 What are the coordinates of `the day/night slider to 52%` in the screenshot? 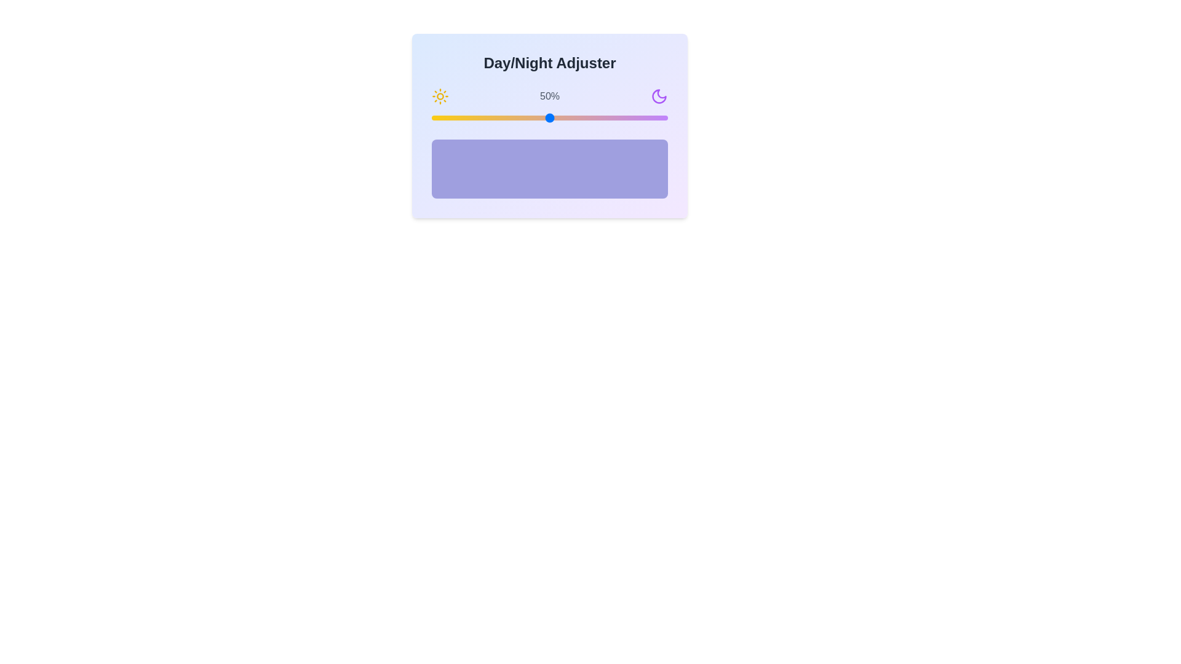 It's located at (554, 118).